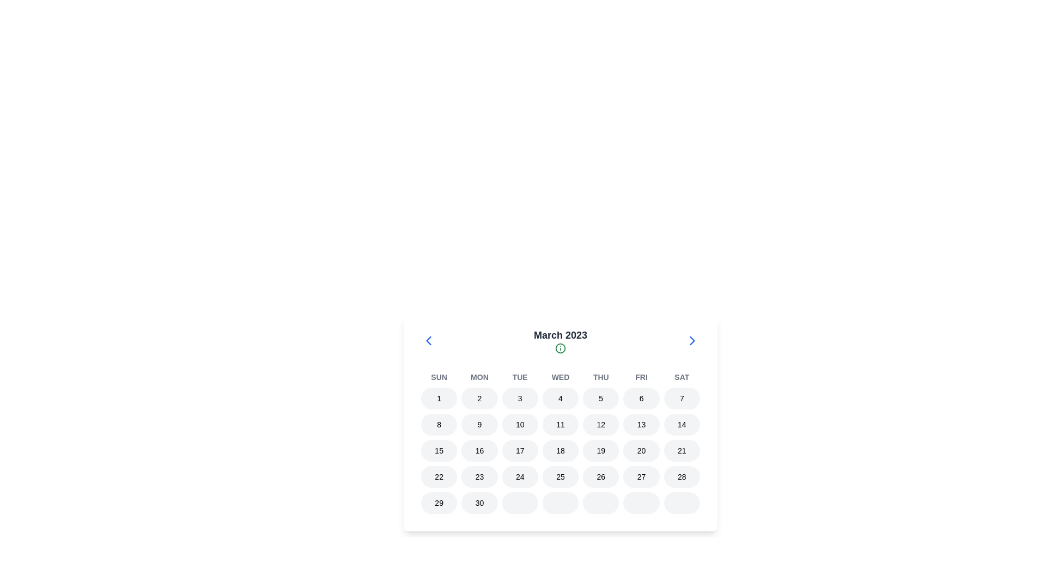 The height and width of the screenshot is (588, 1046). I want to click on the text element representing 'Wednesday' in the weekly calendar layout, located below 'March 2023', so click(560, 377).